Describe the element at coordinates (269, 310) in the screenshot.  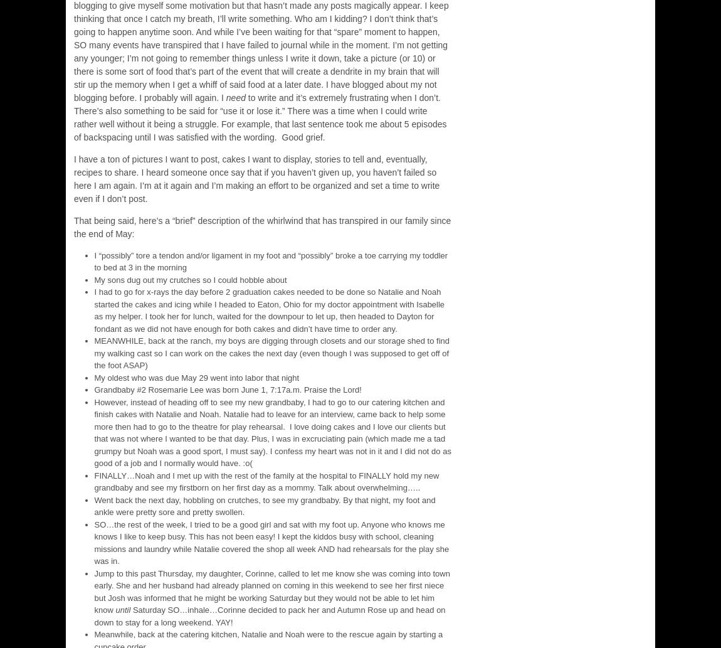
I see `'I had to go for x-rays the day before 2 graduation cakes needed to be done so Natalie and Noah started the cakes and icing while I headed to Eaton, Ohio for my doctor appointment with Isabelle as my helper. I took her for lunch, waited for the downpour to let up, then headed to Dayton for fondant as we did not have enough for both cakes and didn’t have time to order any.'` at that location.